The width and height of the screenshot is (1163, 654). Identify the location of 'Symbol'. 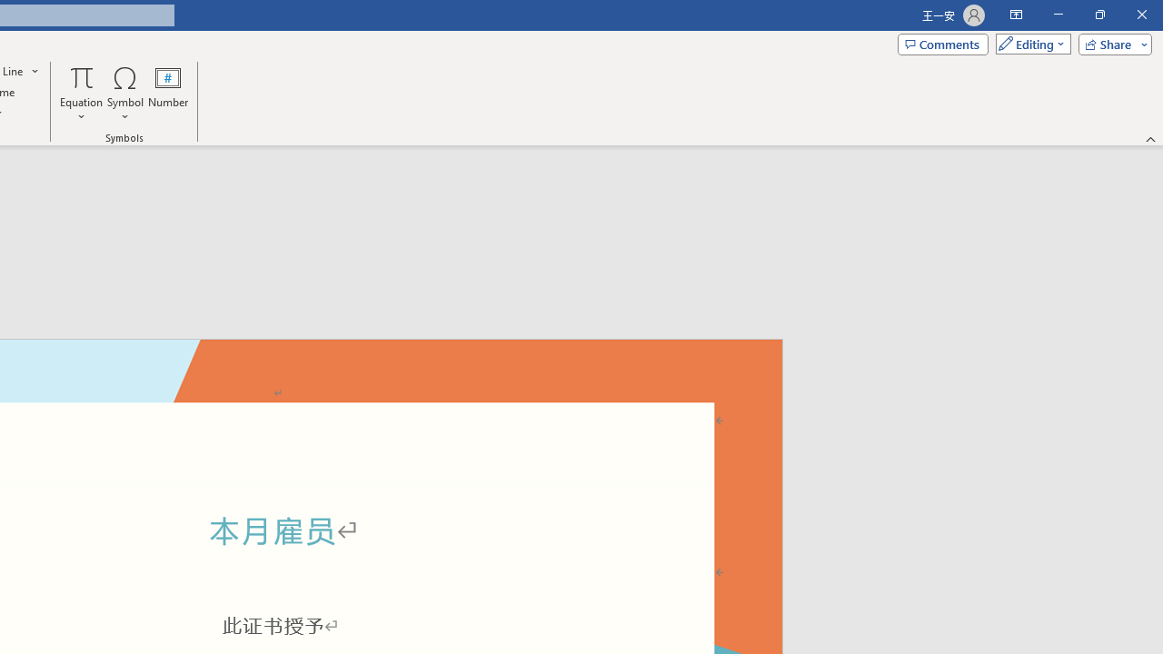
(124, 94).